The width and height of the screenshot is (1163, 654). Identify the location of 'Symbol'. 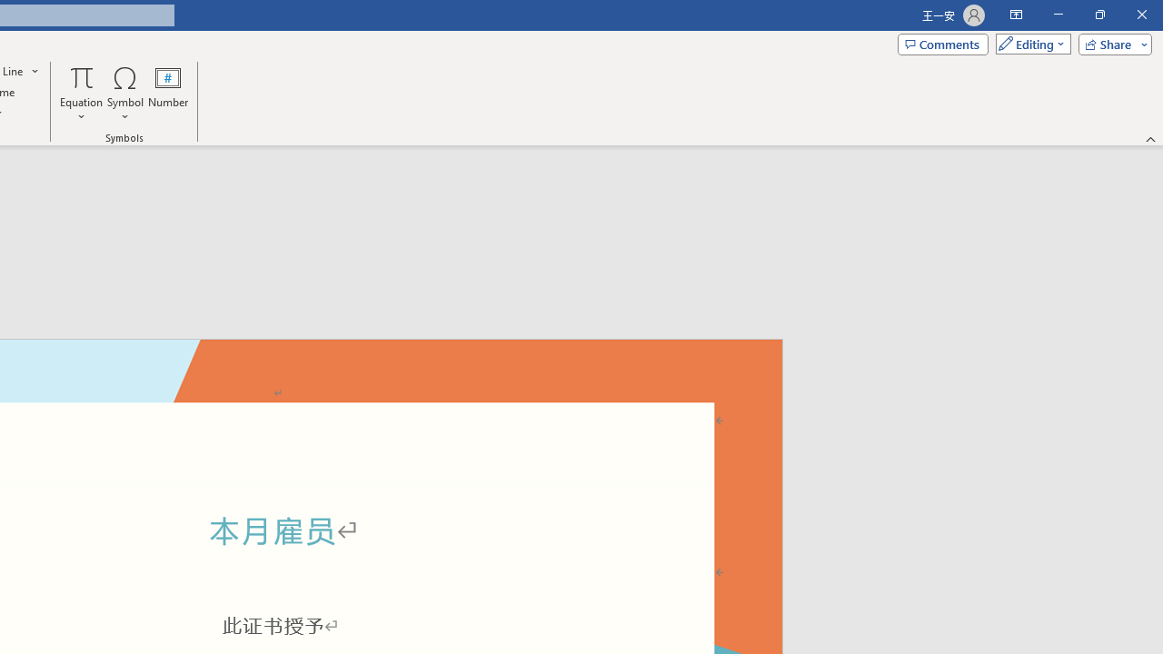
(124, 94).